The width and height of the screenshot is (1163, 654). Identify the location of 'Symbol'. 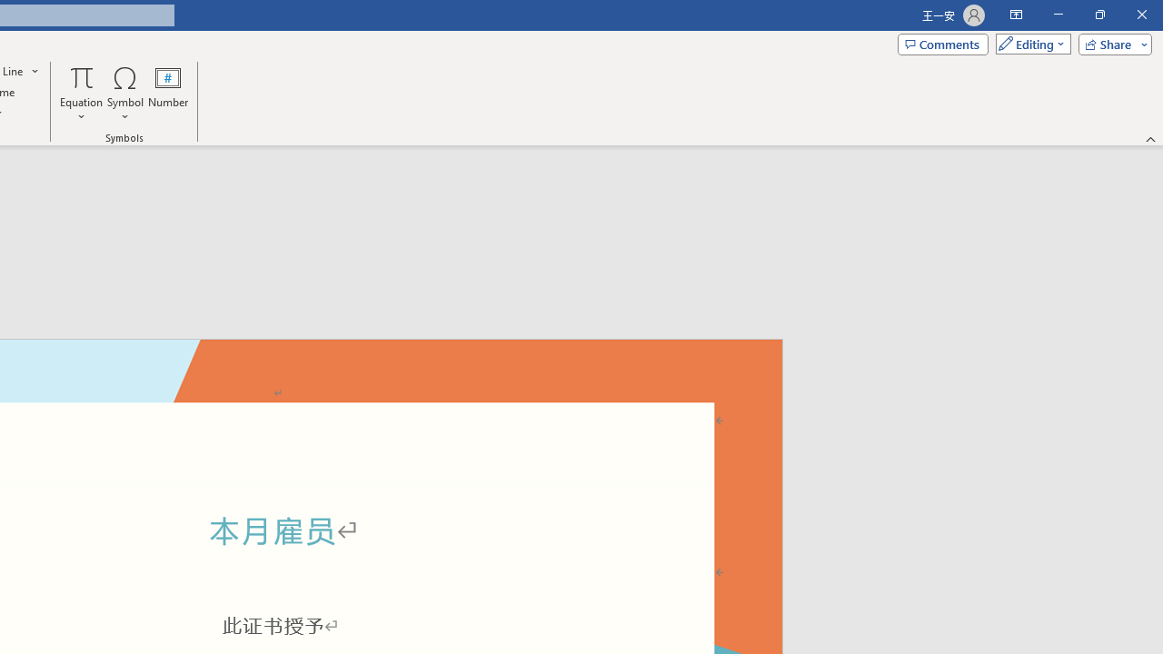
(124, 94).